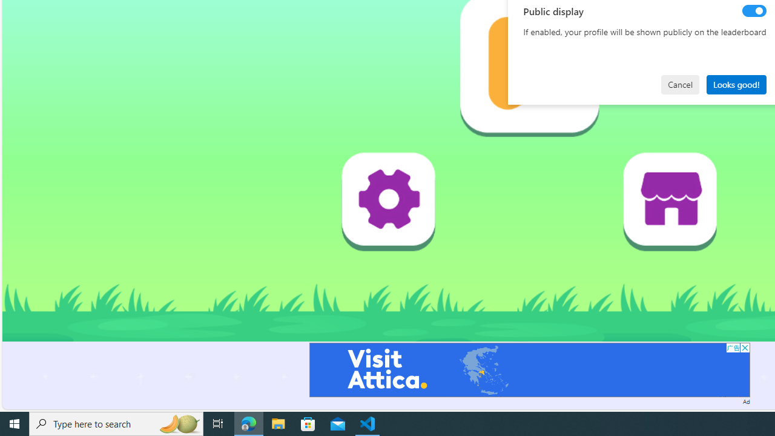 The image size is (775, 436). I want to click on 'Advertisement', so click(529, 369).